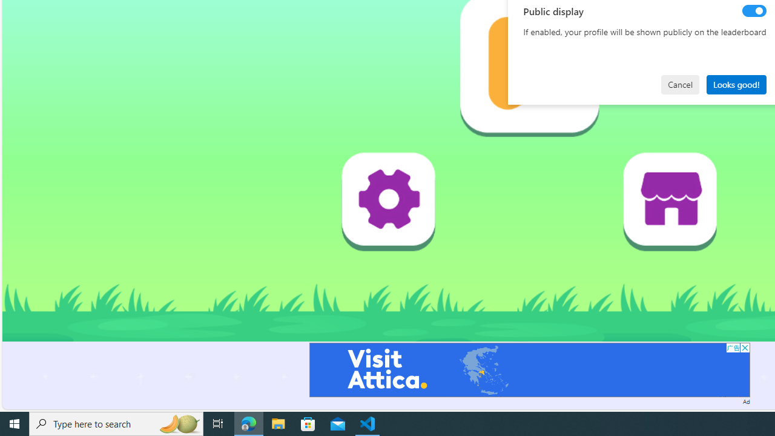 The image size is (775, 436). I want to click on 'Advertisement', so click(529, 369).